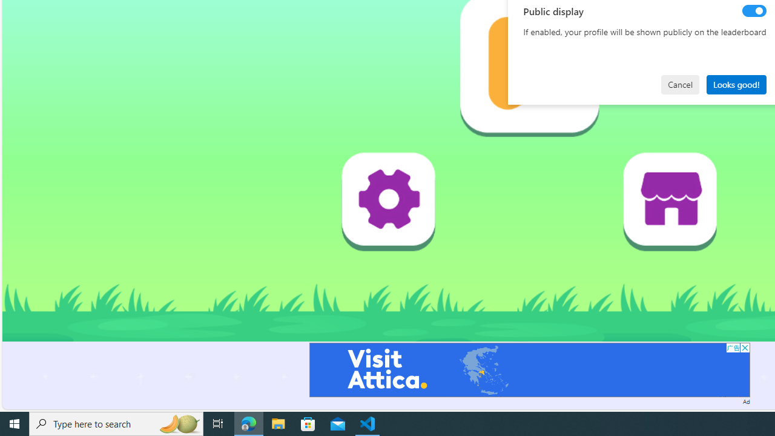 The image size is (775, 436). I want to click on 'Advertisement', so click(529, 369).